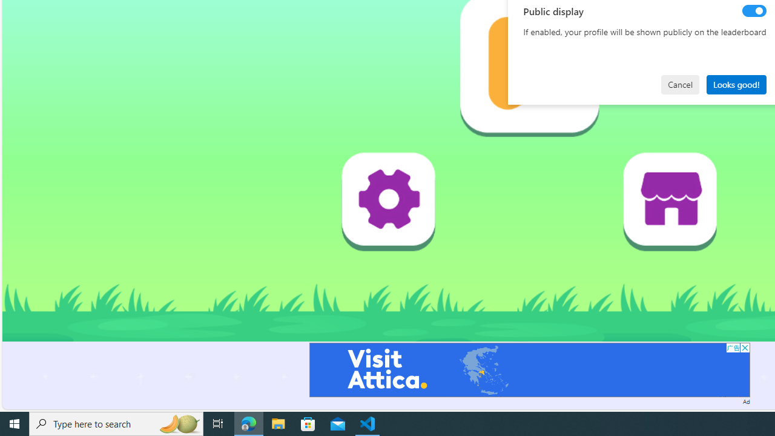 The image size is (775, 436). I want to click on 'Advertisement', so click(529, 369).